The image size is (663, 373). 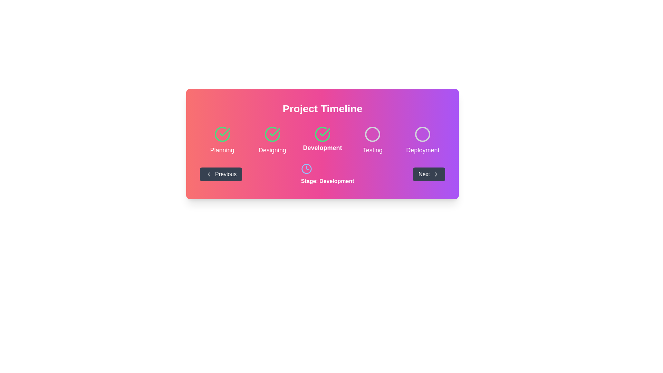 What do you see at coordinates (435, 174) in the screenshot?
I see `the chevron icon within the 'Next' button located at the bottom-right corner of the interface for navigation` at bounding box center [435, 174].